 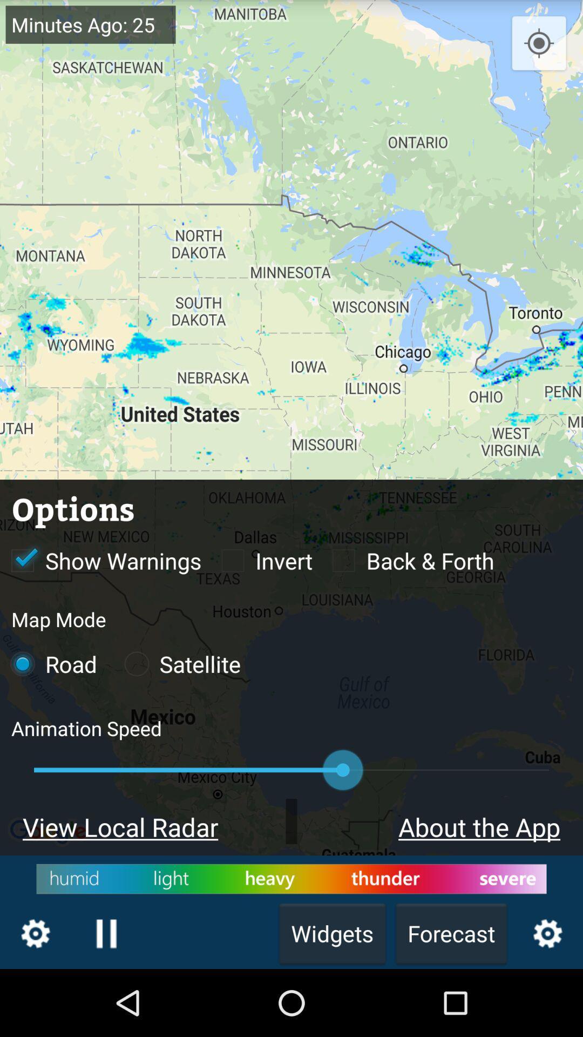 What do you see at coordinates (120, 826) in the screenshot?
I see `the text view local radar` at bounding box center [120, 826].